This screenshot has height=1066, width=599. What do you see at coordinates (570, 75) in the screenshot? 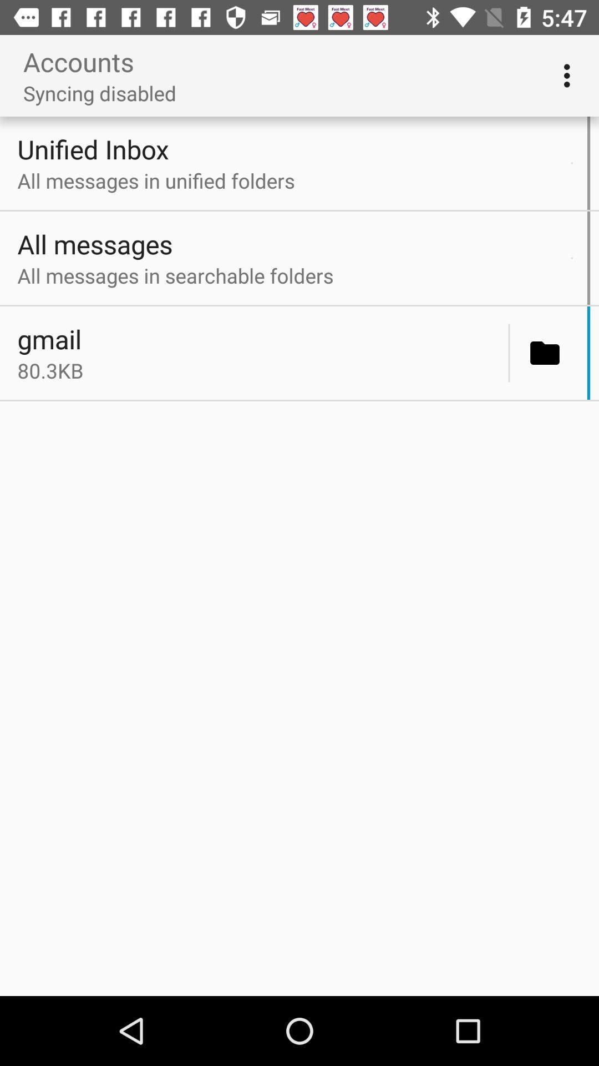
I see `item to the right of the syncing disabled` at bounding box center [570, 75].